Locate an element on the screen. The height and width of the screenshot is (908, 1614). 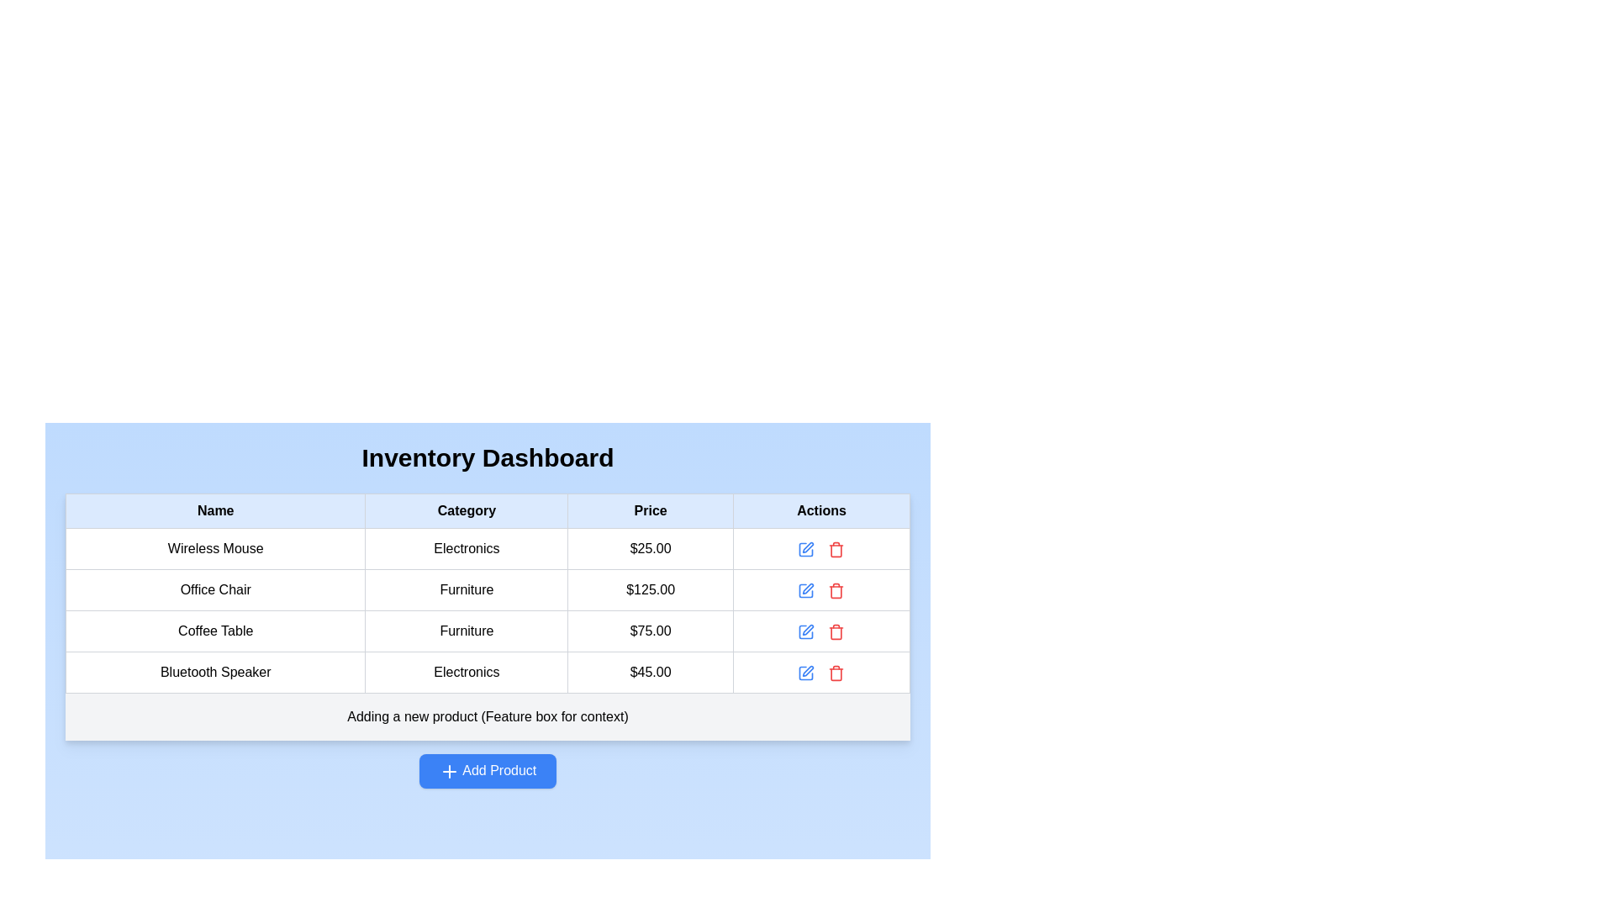
the text element displaying '$125.00' in bold font, located in the 'Price' column under the 'Office Chair' row is located at coordinates (650, 589).